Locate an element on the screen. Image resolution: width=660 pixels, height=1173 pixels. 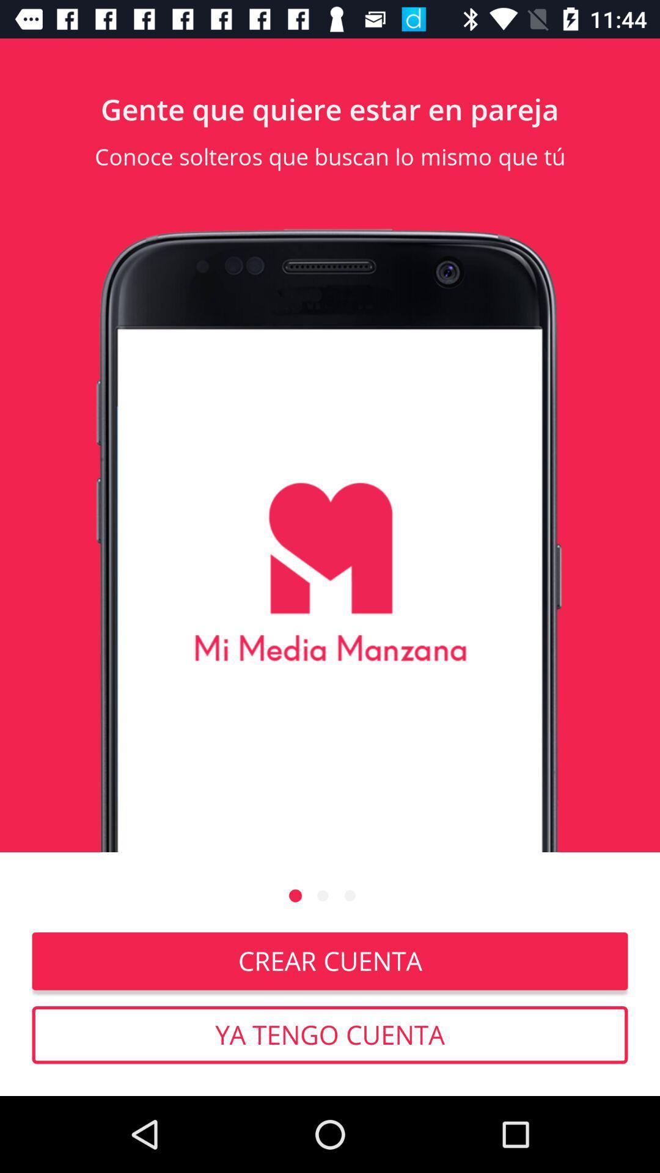
ya tengo cuenta icon is located at coordinates (330, 1034).